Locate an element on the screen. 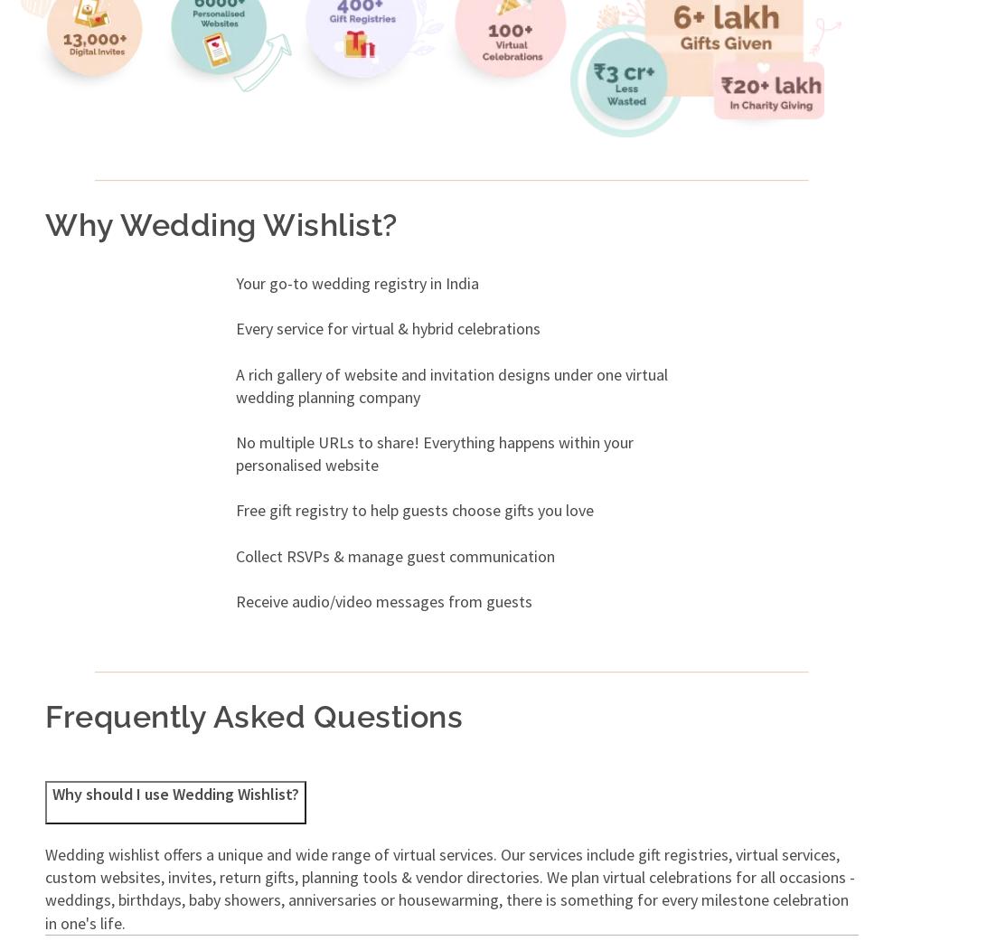 This screenshot has height=950, width=1006. 'No multiple URLs to share! Everything happens within your personalised website' is located at coordinates (434, 453).